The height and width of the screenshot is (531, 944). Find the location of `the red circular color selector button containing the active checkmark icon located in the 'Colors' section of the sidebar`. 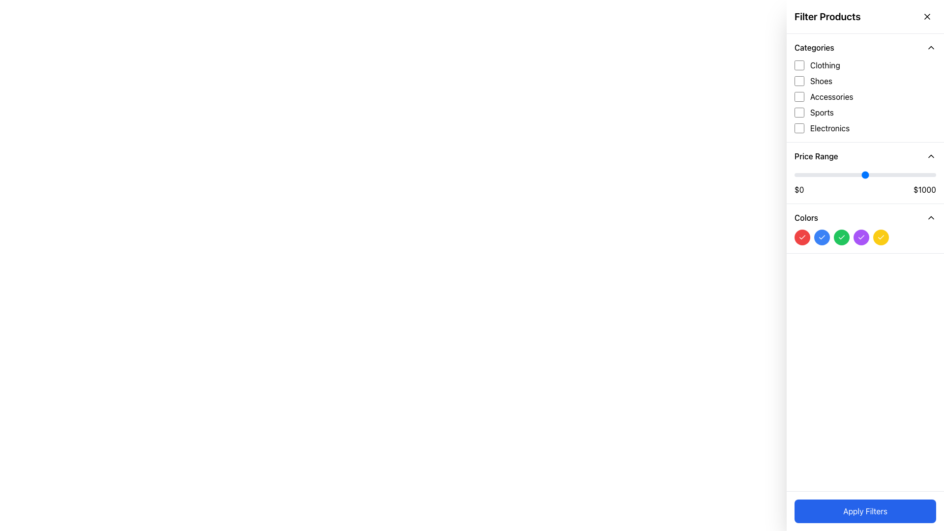

the red circular color selector button containing the active checkmark icon located in the 'Colors' section of the sidebar is located at coordinates (802, 237).